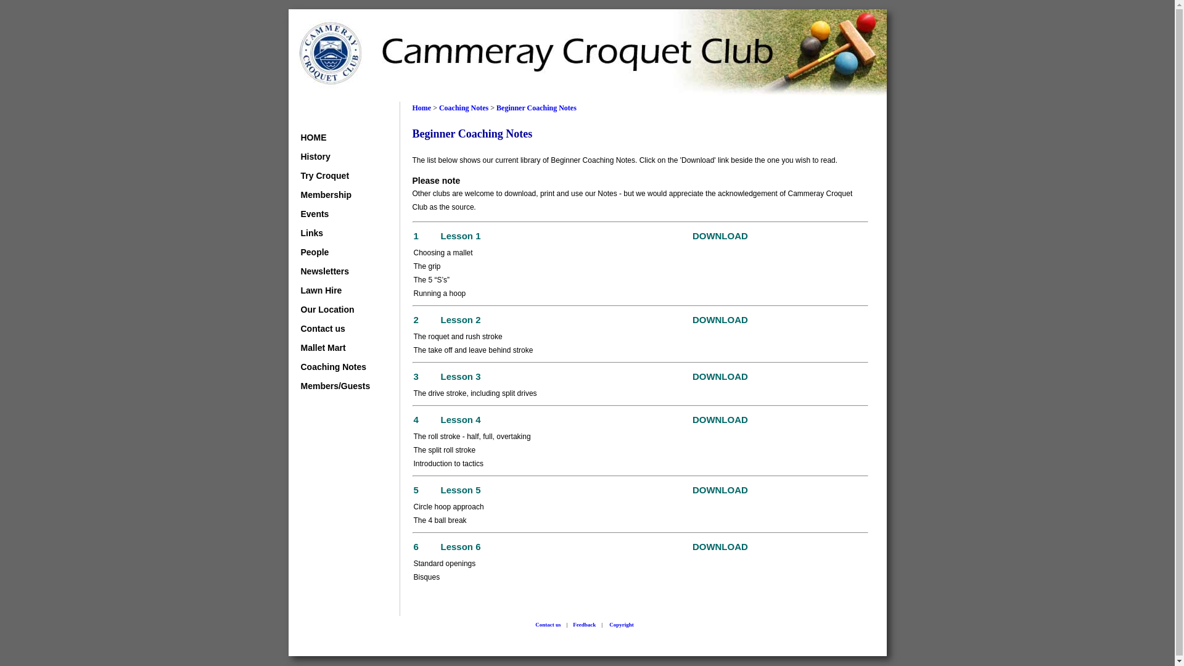  What do you see at coordinates (337, 194) in the screenshot?
I see `'Membership'` at bounding box center [337, 194].